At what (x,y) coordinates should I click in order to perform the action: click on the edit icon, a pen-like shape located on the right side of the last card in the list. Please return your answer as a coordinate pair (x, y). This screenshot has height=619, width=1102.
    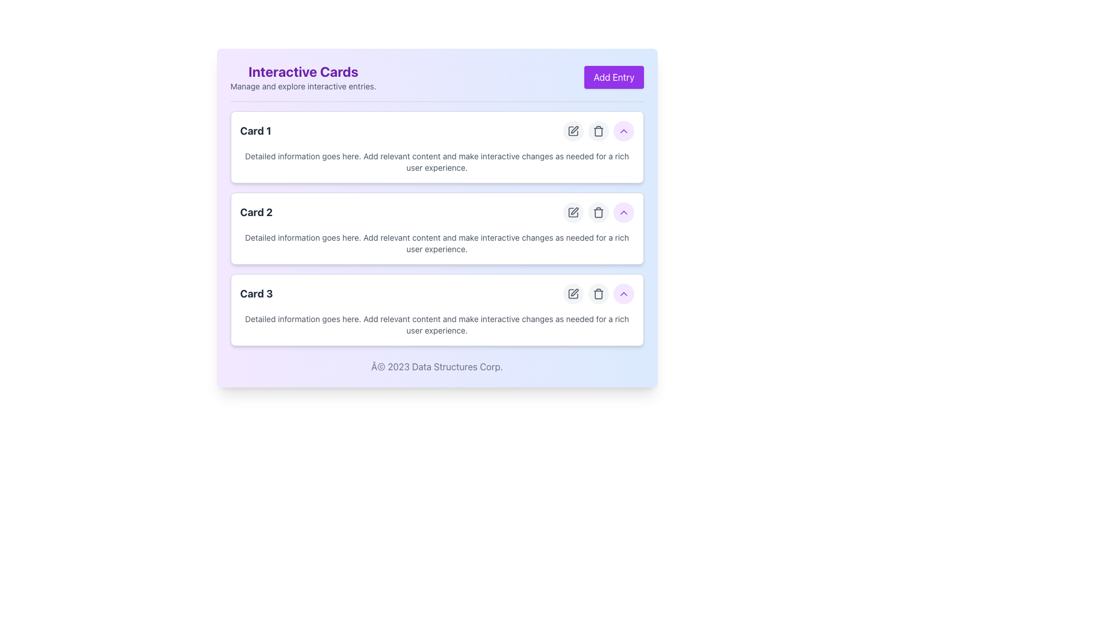
    Looking at the image, I should click on (575, 292).